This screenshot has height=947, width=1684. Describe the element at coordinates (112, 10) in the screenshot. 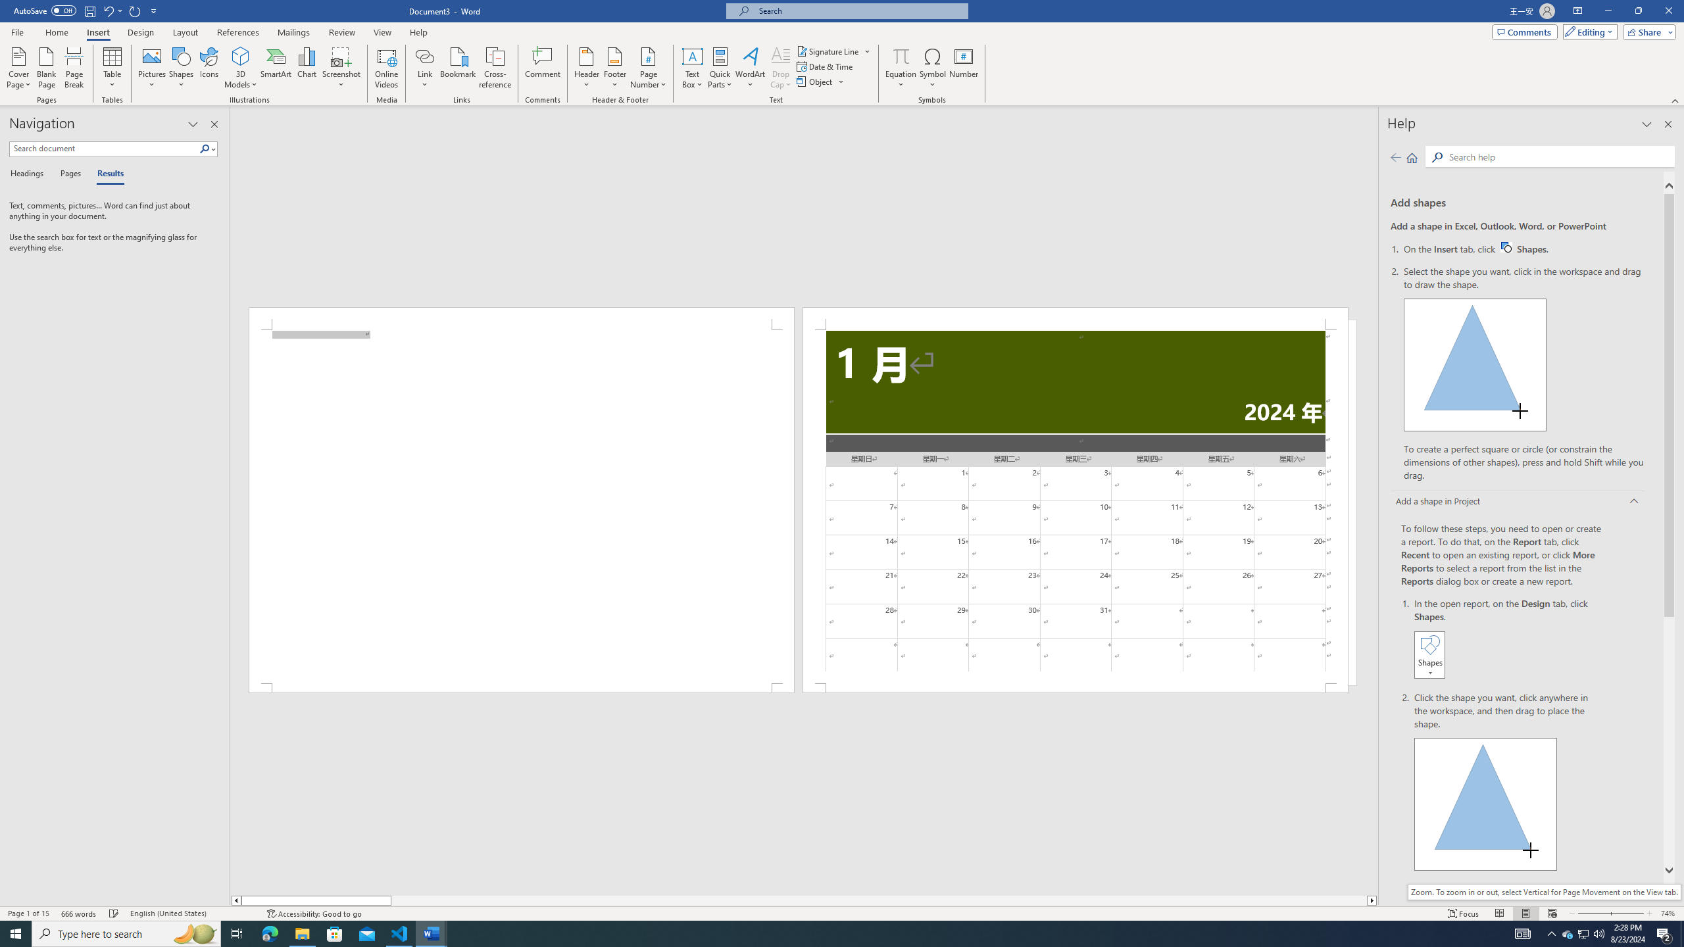

I see `'Undo New Page'` at that location.